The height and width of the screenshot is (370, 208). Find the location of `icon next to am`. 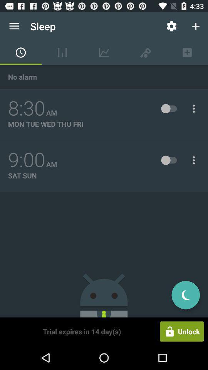

icon next to am is located at coordinates (26, 160).